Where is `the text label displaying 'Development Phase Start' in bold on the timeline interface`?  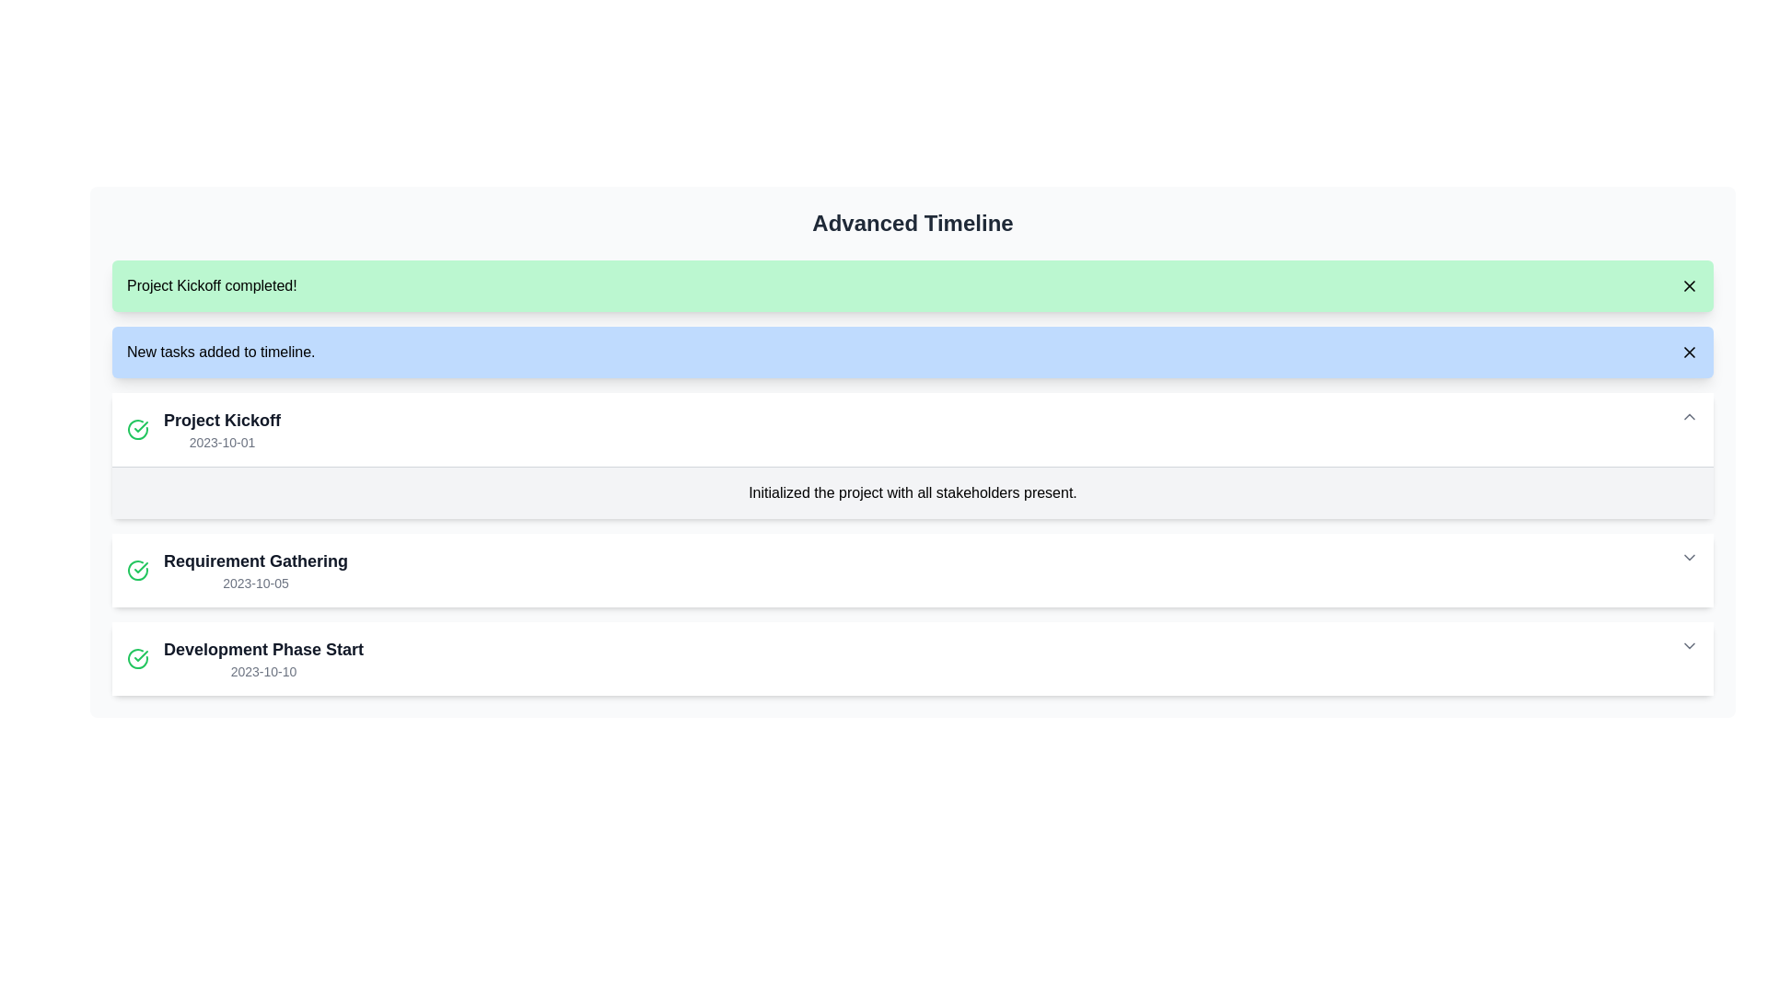
the text label displaying 'Development Phase Start' in bold on the timeline interface is located at coordinates (262, 648).